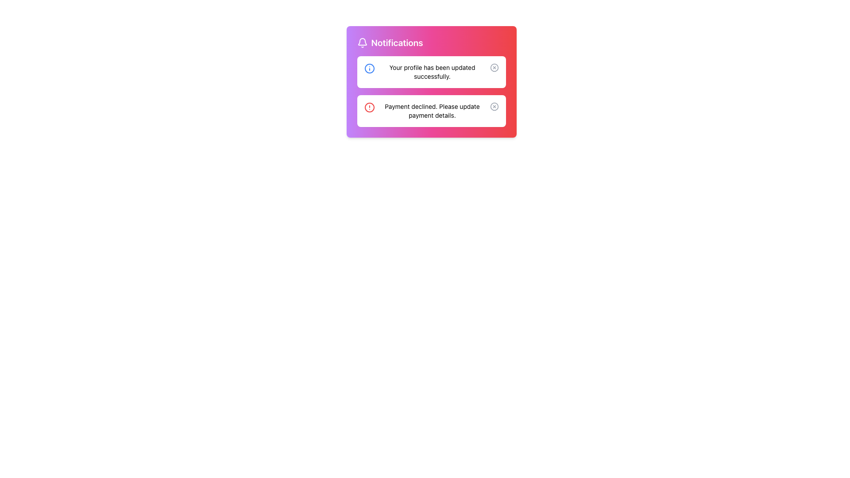  I want to click on the bell icon representing the Notifications section, which is located within a pink rectangle at the top center of the interface, so click(362, 42).